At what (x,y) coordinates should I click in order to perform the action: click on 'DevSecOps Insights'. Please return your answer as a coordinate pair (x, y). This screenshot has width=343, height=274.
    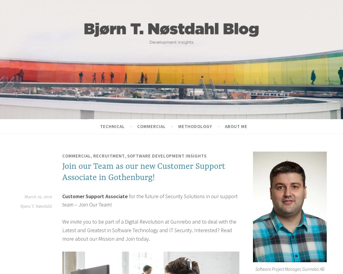
    Looking at the image, I should click on (40, 71).